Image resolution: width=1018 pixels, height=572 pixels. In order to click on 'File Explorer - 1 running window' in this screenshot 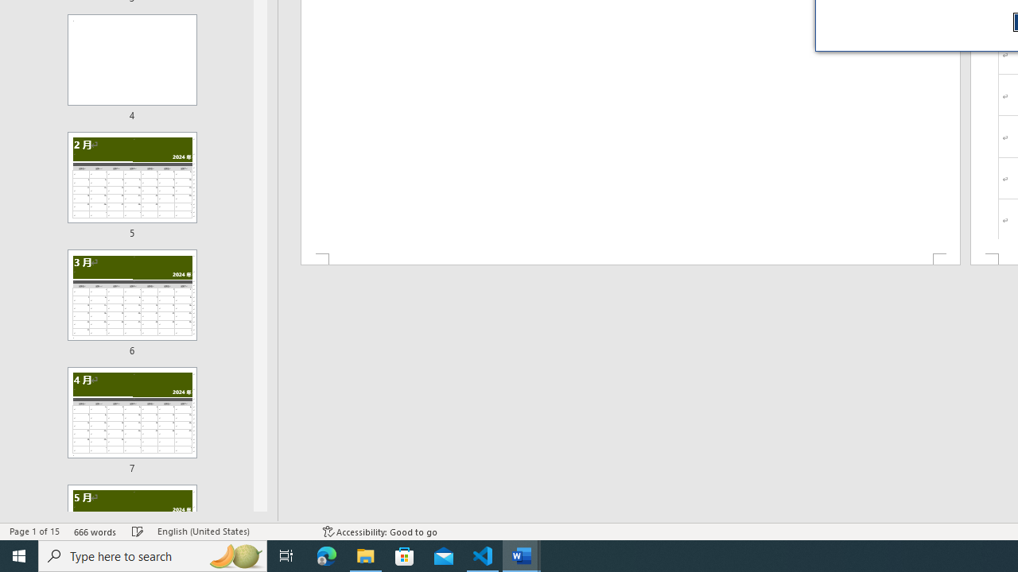, I will do `click(365, 555)`.